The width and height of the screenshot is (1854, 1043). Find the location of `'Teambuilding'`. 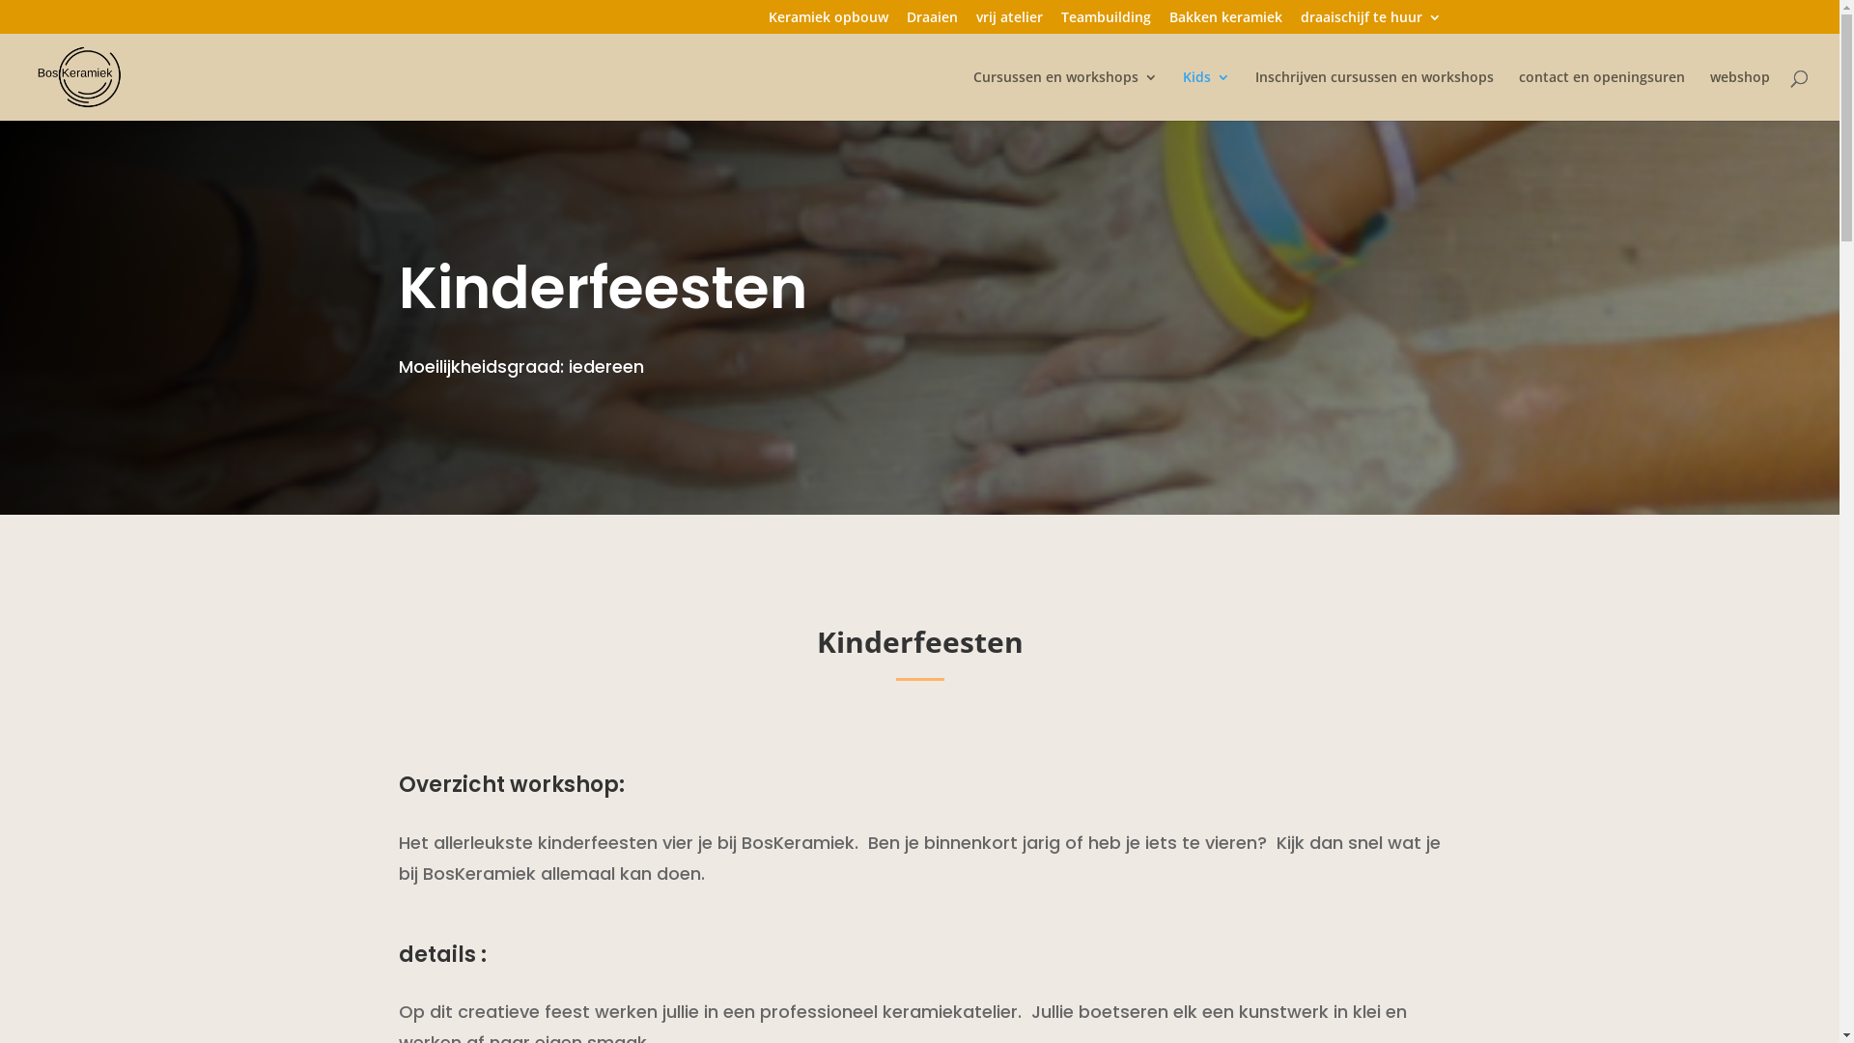

'Teambuilding' is located at coordinates (1059, 21).